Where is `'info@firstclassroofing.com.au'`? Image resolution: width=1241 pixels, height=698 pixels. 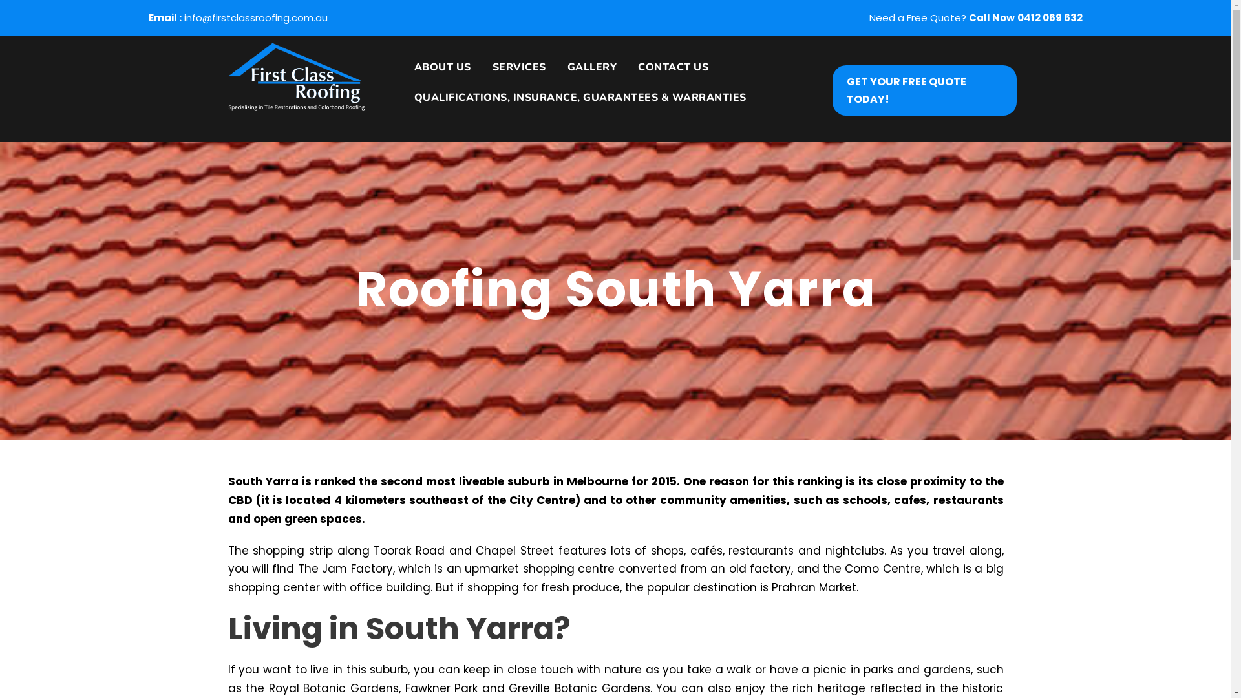 'info@firstclassroofing.com.au' is located at coordinates (255, 17).